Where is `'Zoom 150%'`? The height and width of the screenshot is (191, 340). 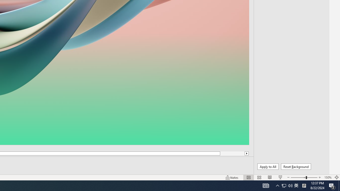 'Zoom 150%' is located at coordinates (328, 177).